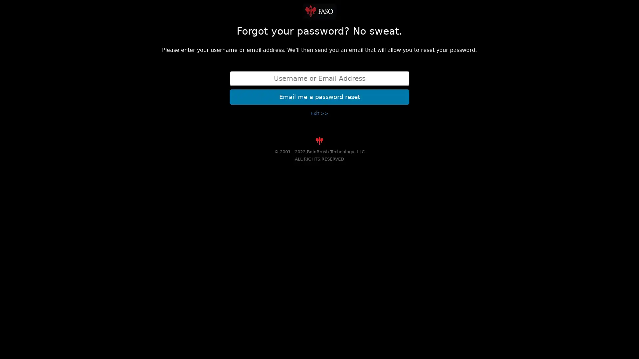 This screenshot has height=359, width=639. Describe the element at coordinates (319, 96) in the screenshot. I see `Email me a password reset` at that location.